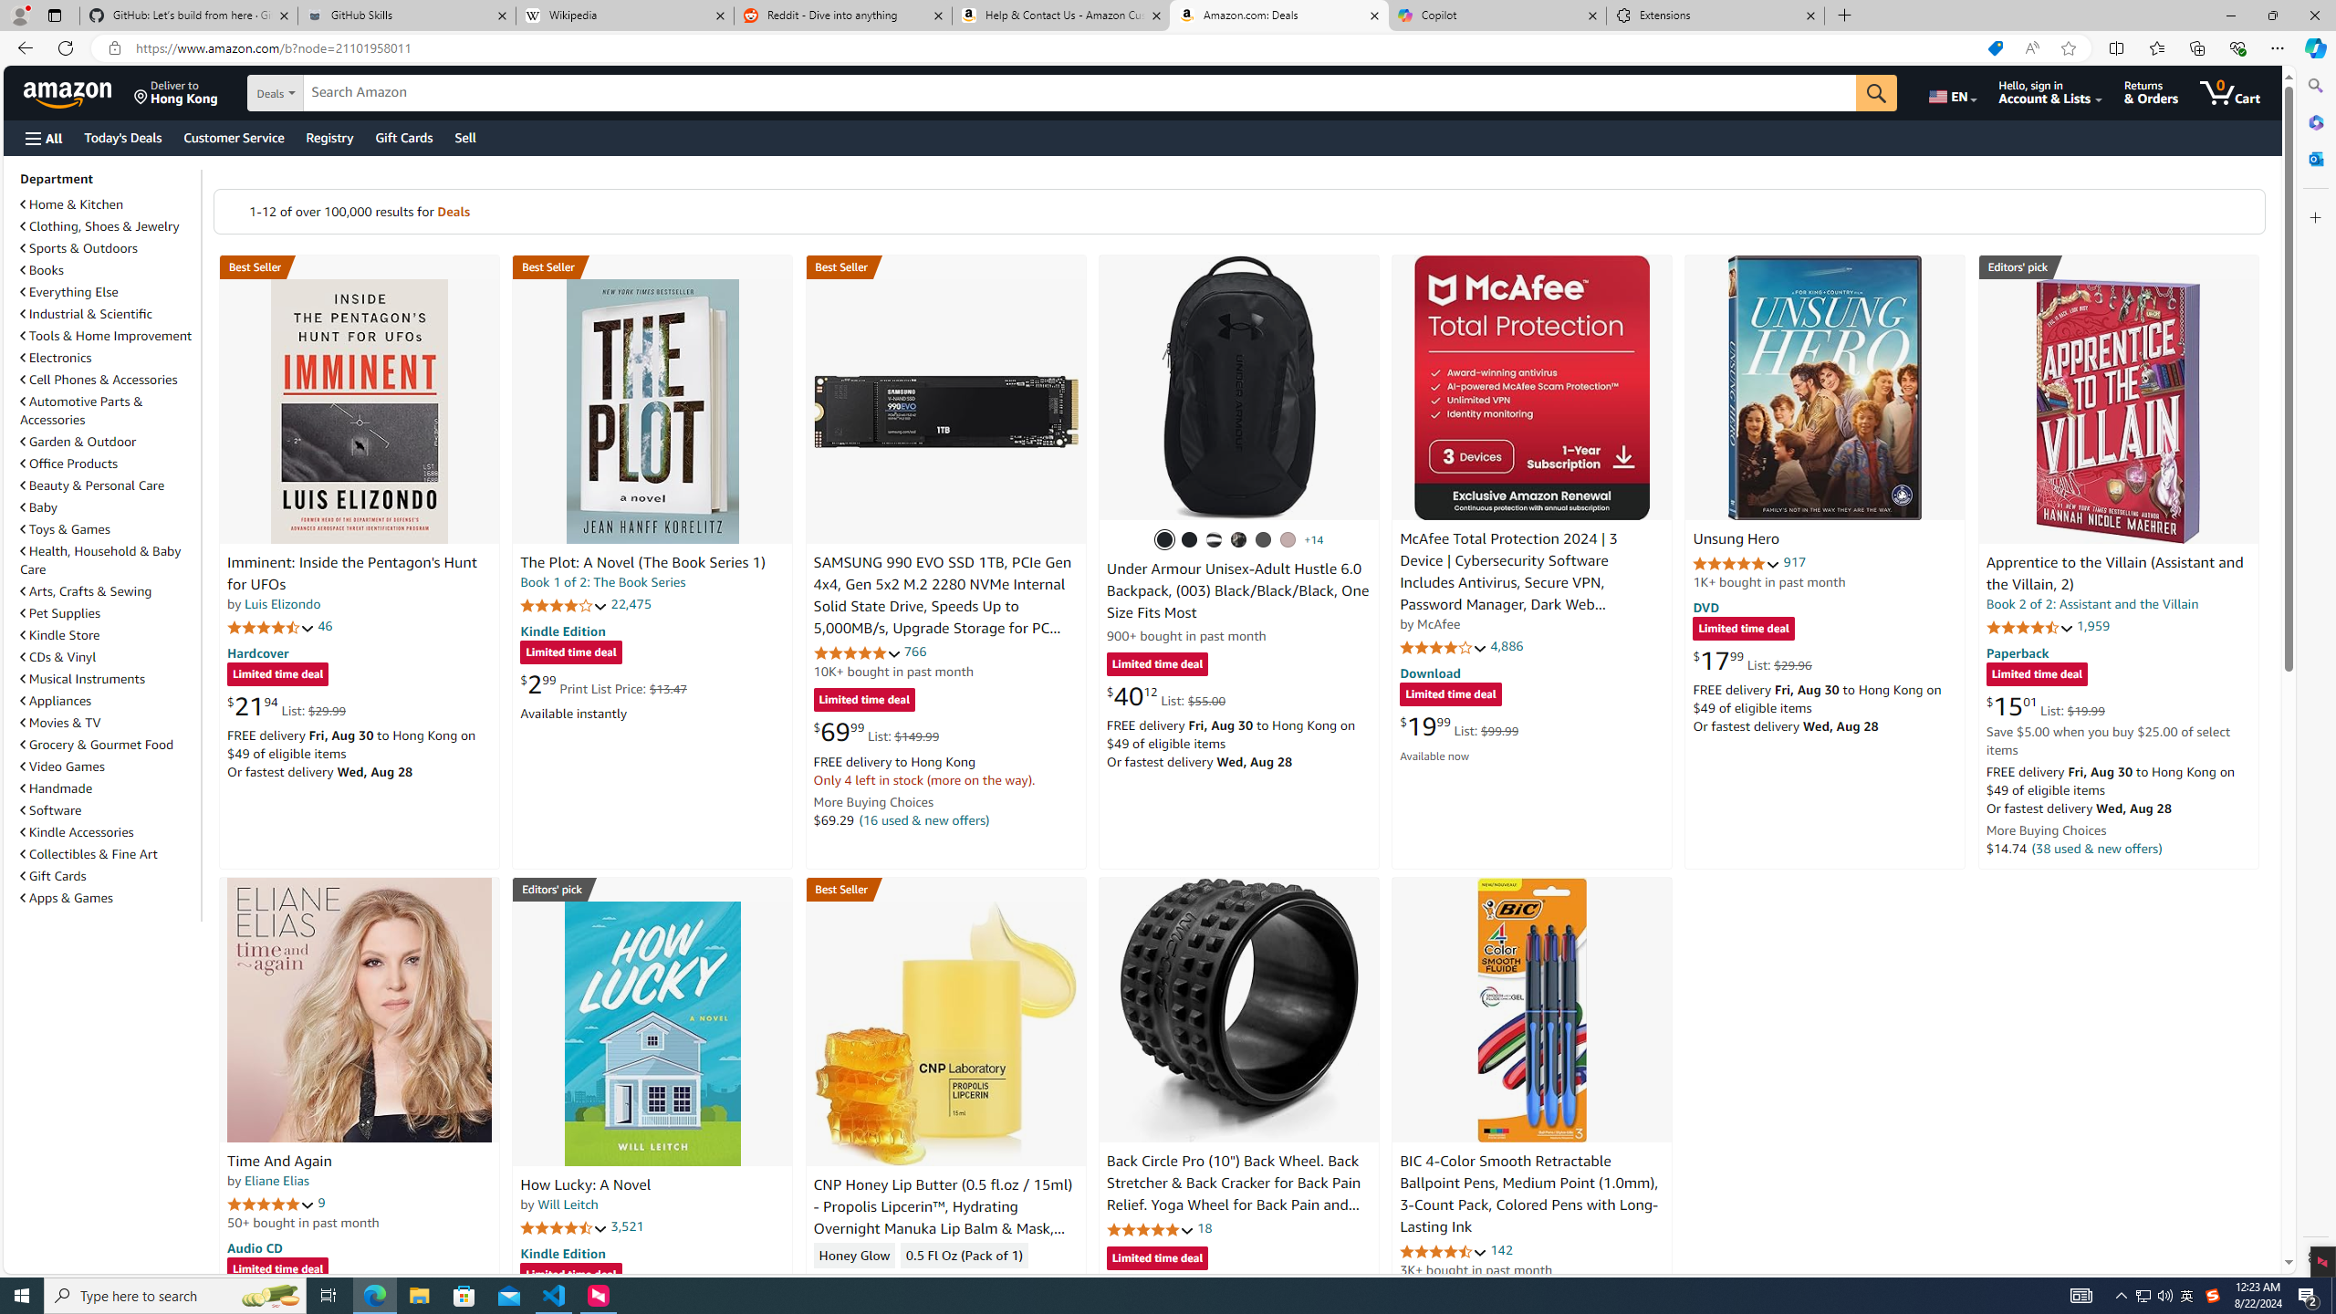 The image size is (2336, 1314). Describe the element at coordinates (405, 15) in the screenshot. I see `'GitHub Skills'` at that location.